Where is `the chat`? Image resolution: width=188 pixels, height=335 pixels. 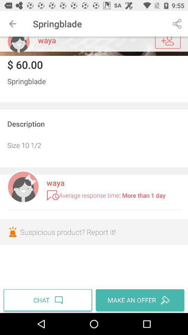
the chat is located at coordinates (48, 300).